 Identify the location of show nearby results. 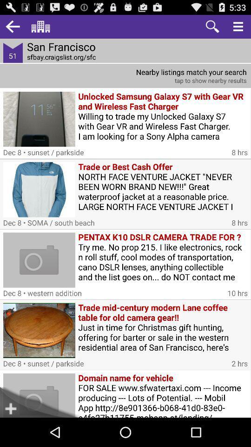
(125, 75).